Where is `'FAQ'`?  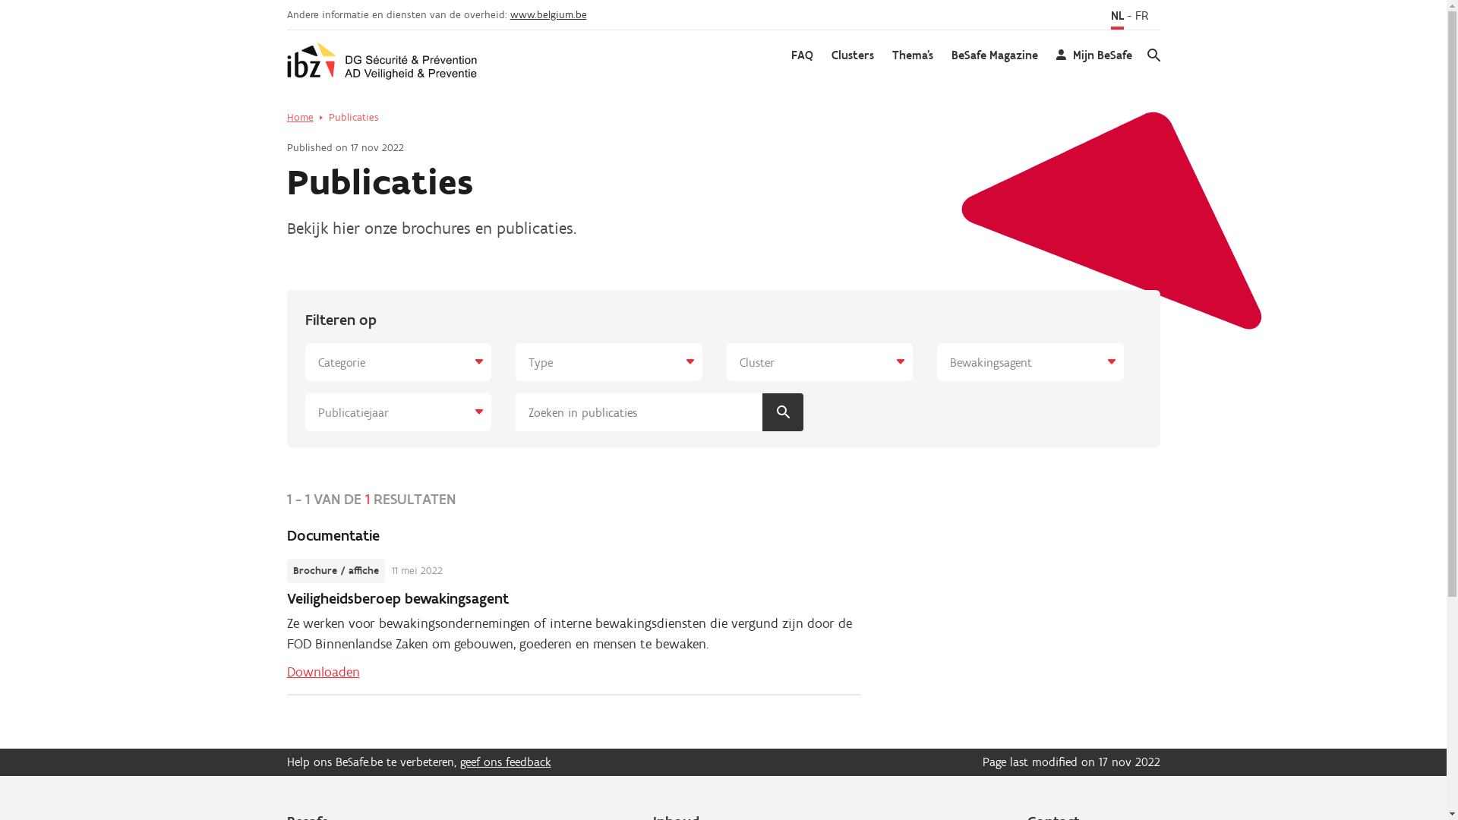
'FAQ' is located at coordinates (790, 55).